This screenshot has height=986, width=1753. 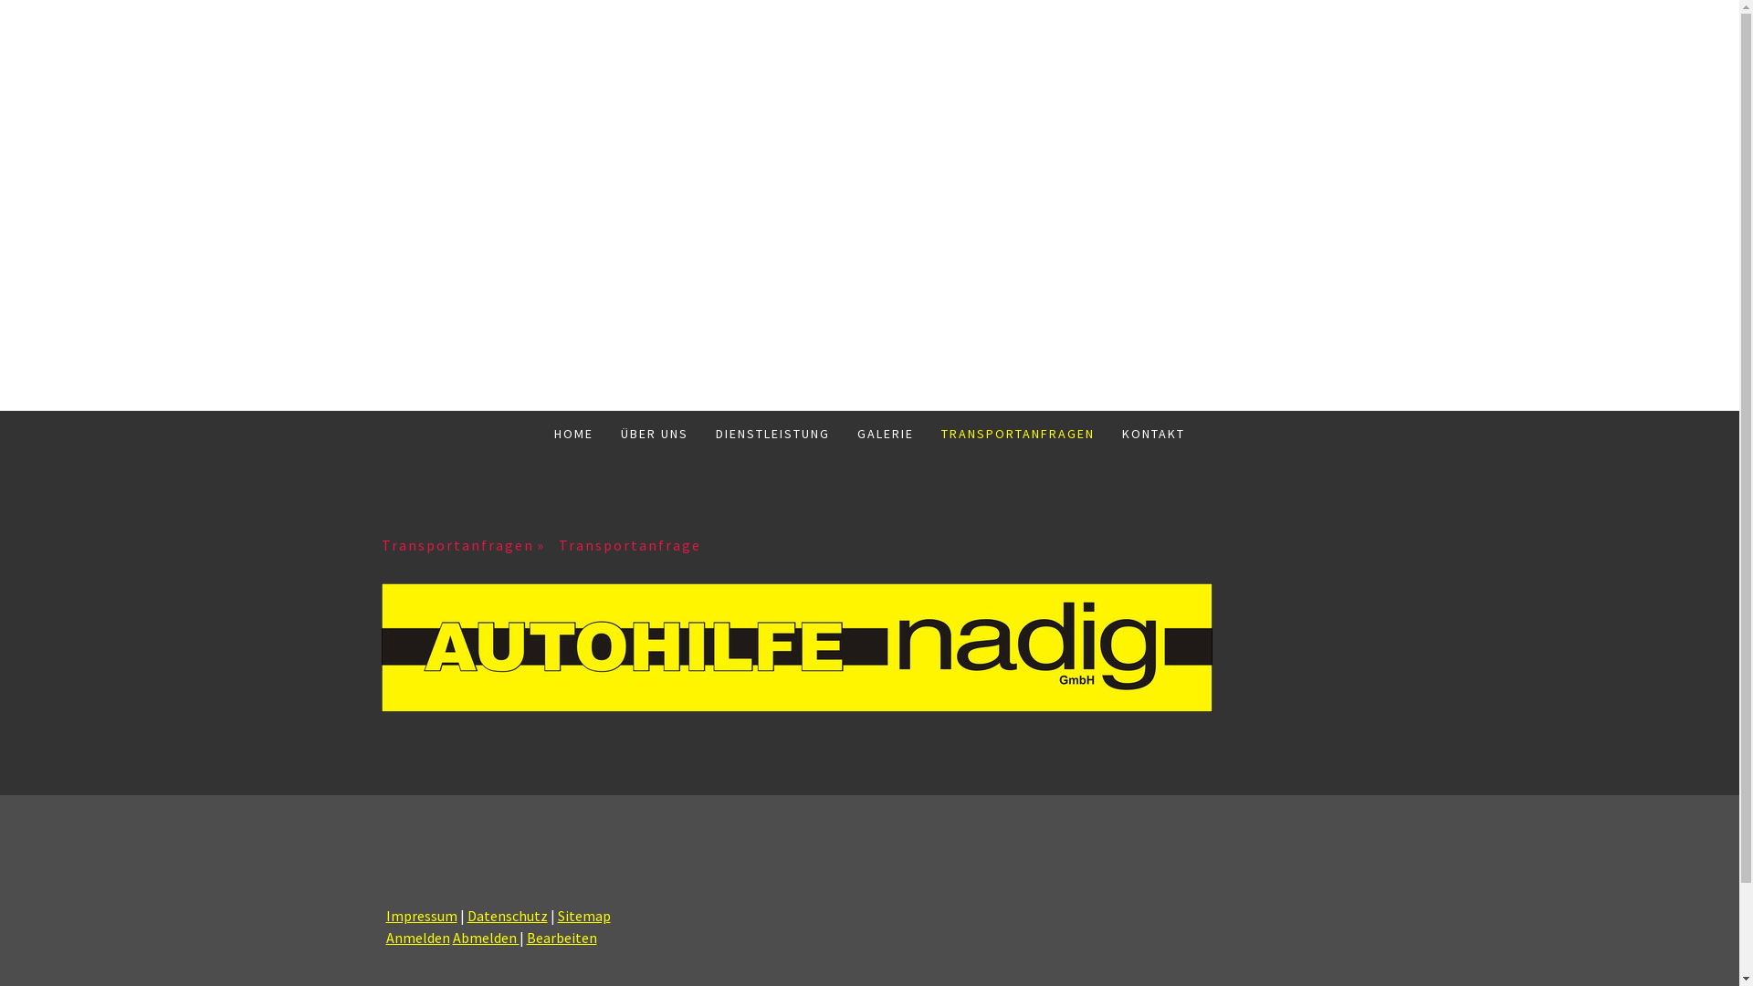 I want to click on 'Datenschutz', so click(x=467, y=915).